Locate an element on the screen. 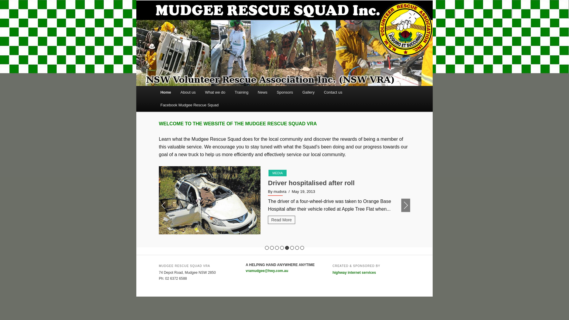  'Training' is located at coordinates (242, 92).